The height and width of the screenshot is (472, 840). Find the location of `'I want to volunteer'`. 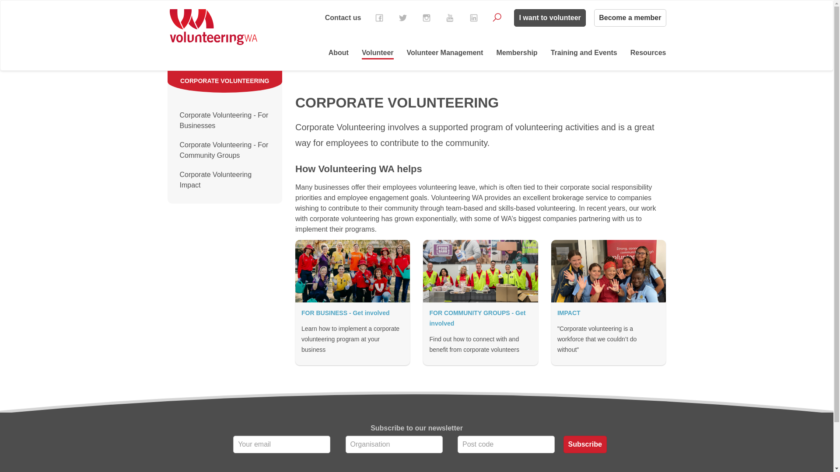

'I want to volunteer' is located at coordinates (549, 18).